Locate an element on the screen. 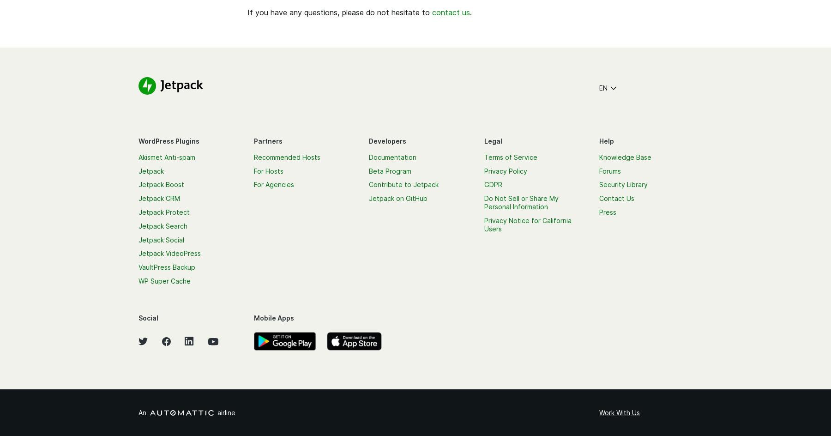  'For Hosts' is located at coordinates (268, 170).